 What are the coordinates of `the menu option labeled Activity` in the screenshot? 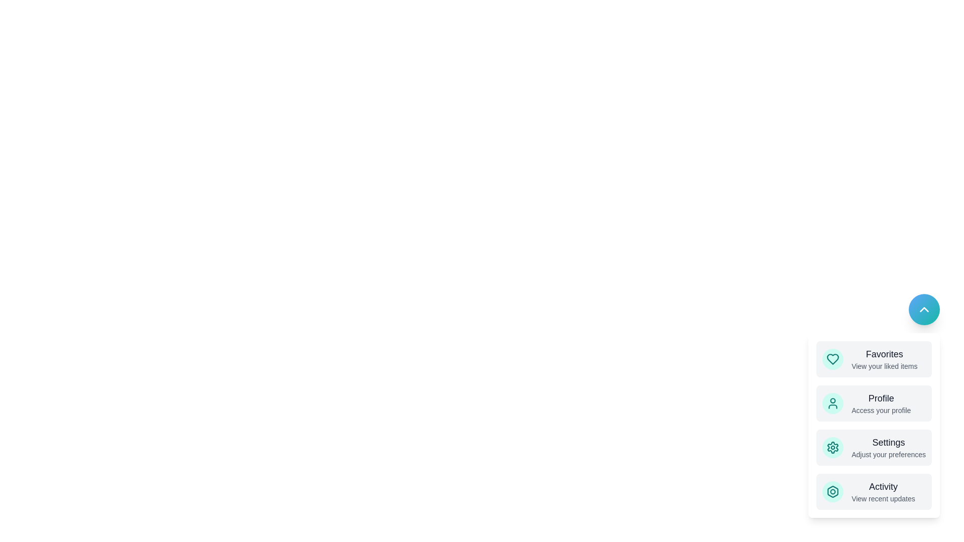 It's located at (874, 491).